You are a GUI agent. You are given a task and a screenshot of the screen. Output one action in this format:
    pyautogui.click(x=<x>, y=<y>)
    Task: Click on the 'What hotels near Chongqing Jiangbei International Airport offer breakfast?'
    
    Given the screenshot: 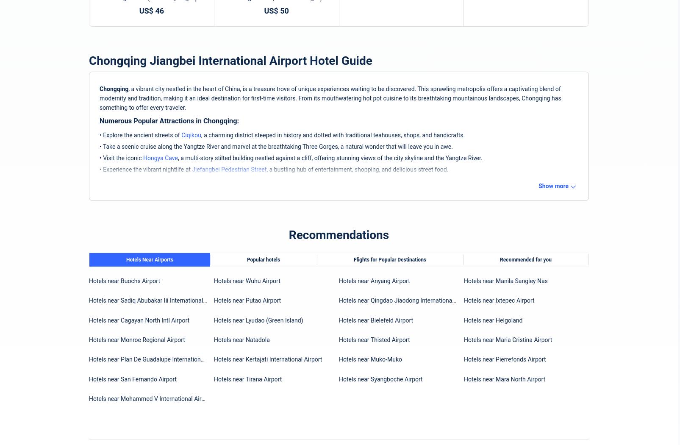 What is the action you would take?
    pyautogui.click(x=211, y=181)
    